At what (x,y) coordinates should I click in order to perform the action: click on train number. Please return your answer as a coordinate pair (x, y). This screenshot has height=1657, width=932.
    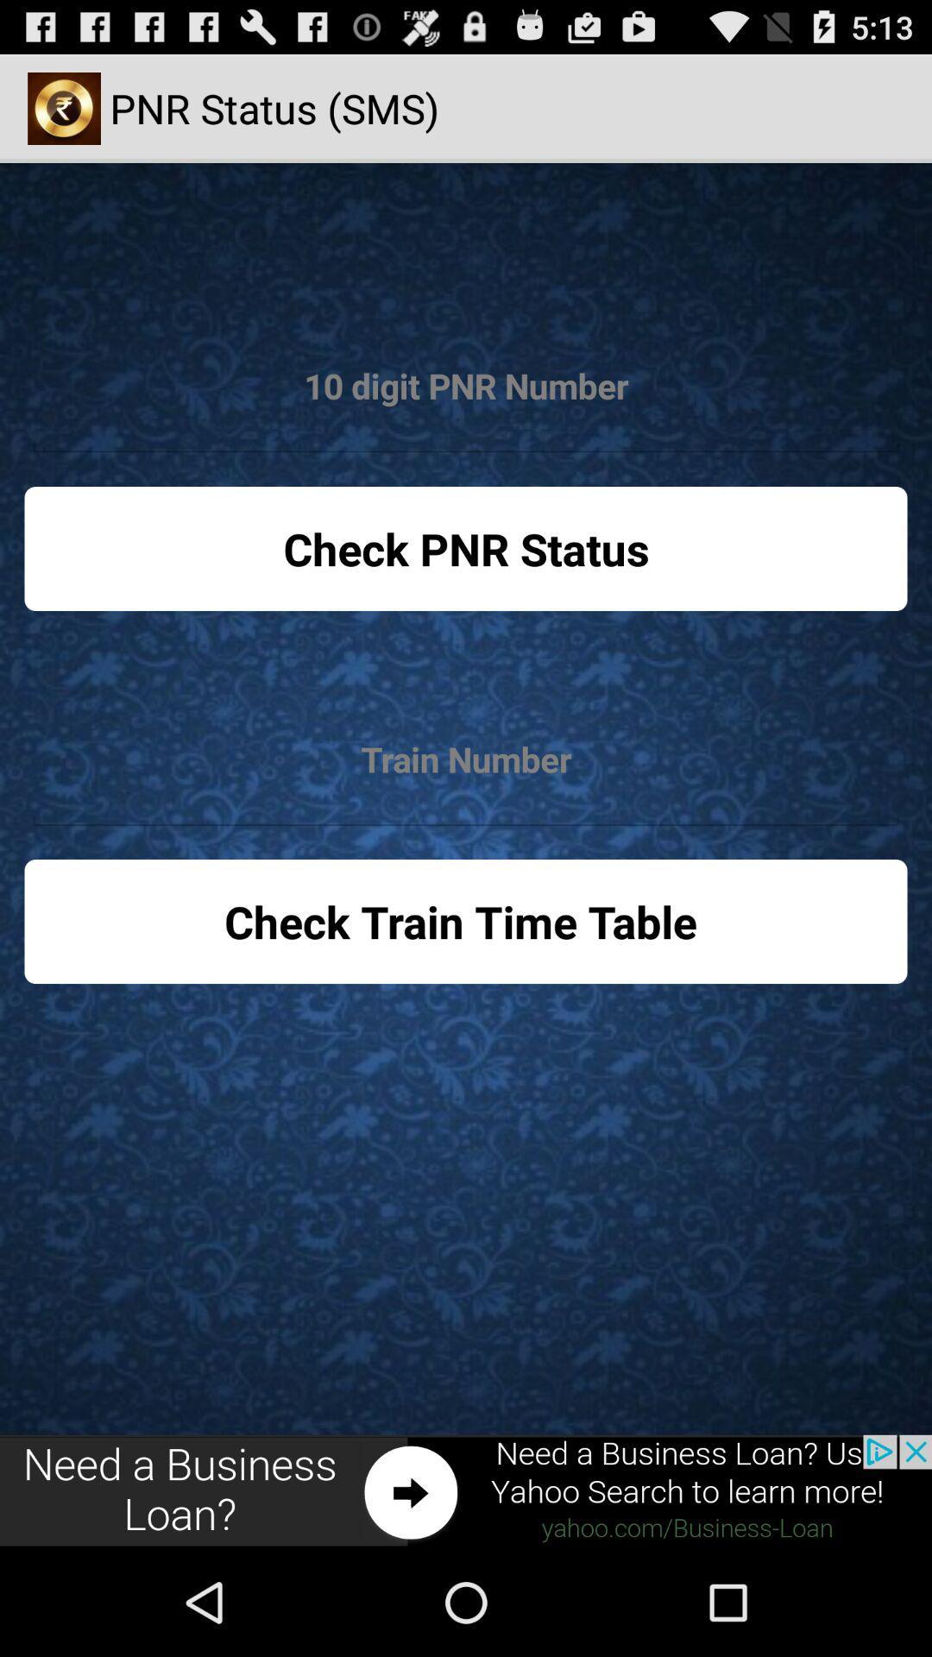
    Looking at the image, I should click on (466, 759).